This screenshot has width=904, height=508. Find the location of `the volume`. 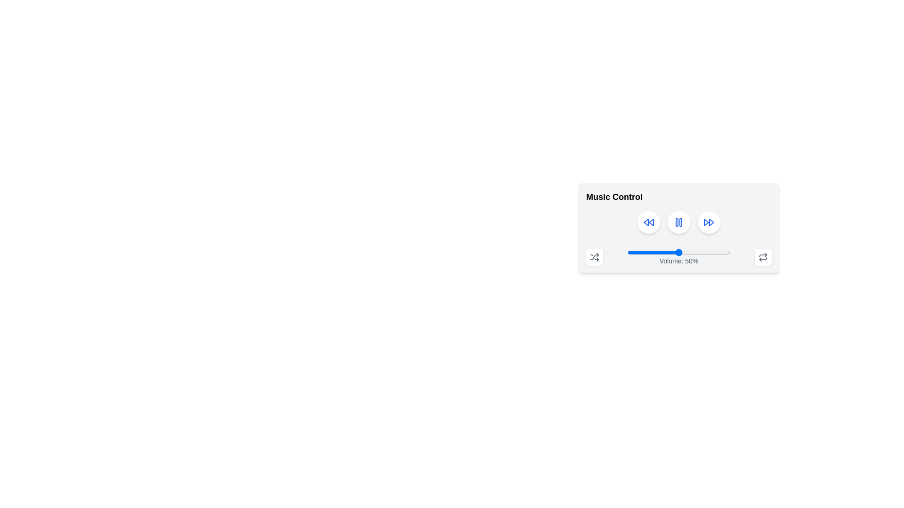

the volume is located at coordinates (628, 252).